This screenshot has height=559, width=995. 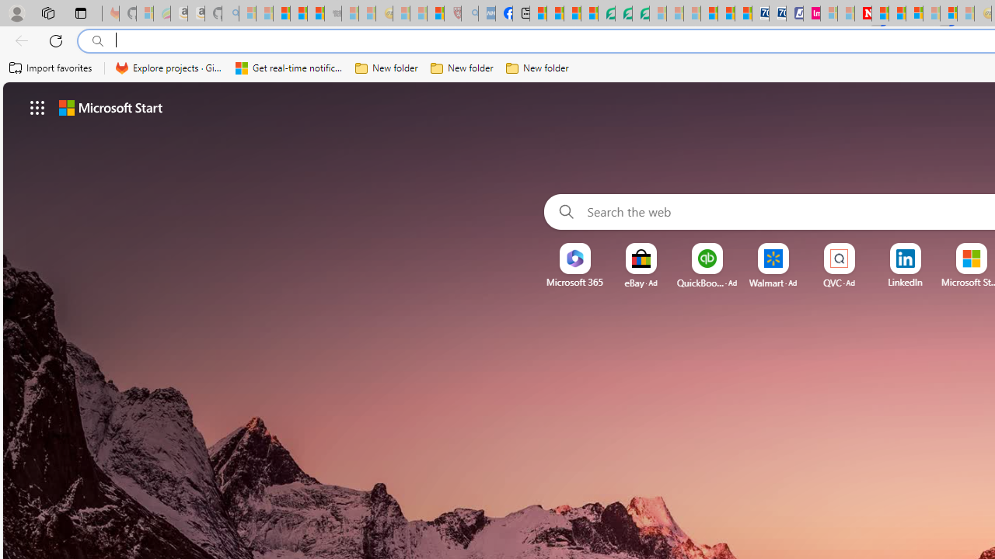 I want to click on 'Jobs - lastminute.com Investor Portal', so click(x=811, y=13).